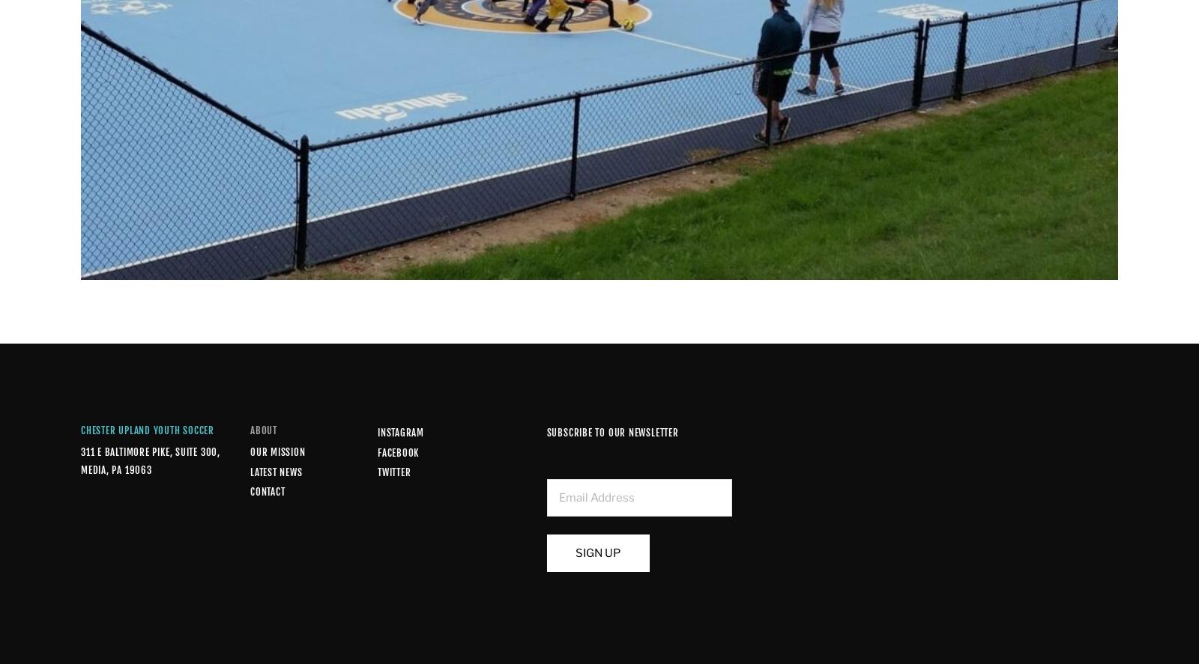 This screenshot has width=1199, height=664. What do you see at coordinates (149, 451) in the screenshot?
I see `'311 E Baltimore Pike, Suite 300,'` at bounding box center [149, 451].